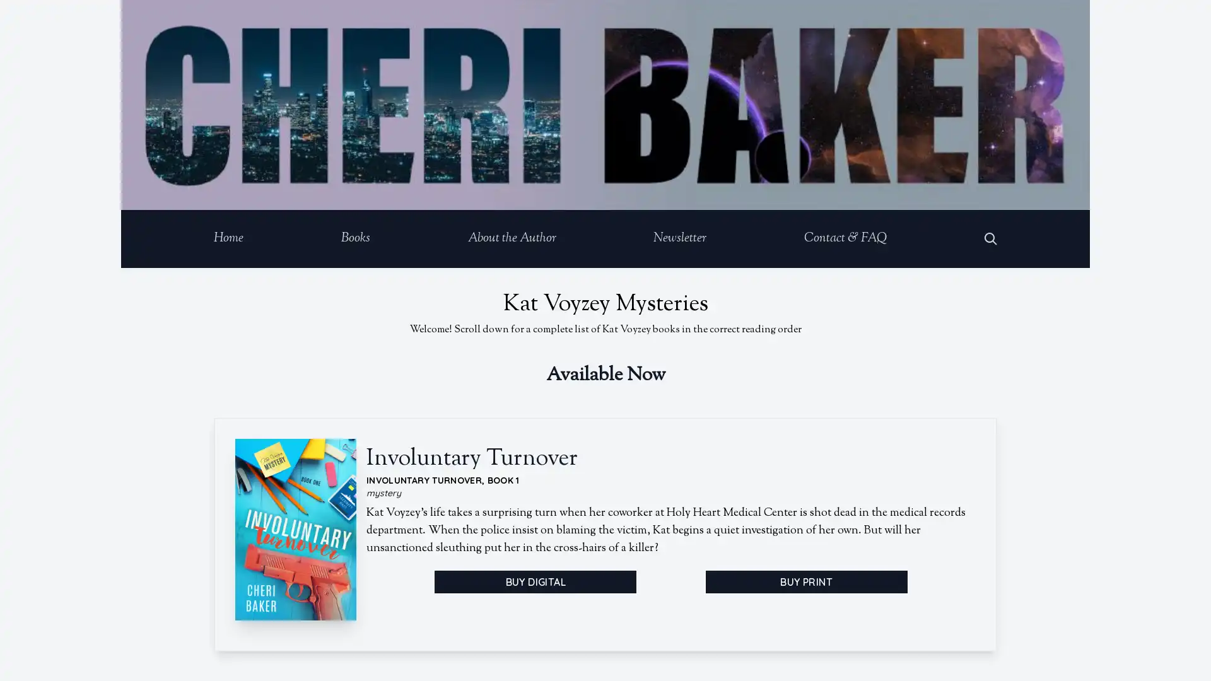  I want to click on BUY PRINT, so click(805, 581).